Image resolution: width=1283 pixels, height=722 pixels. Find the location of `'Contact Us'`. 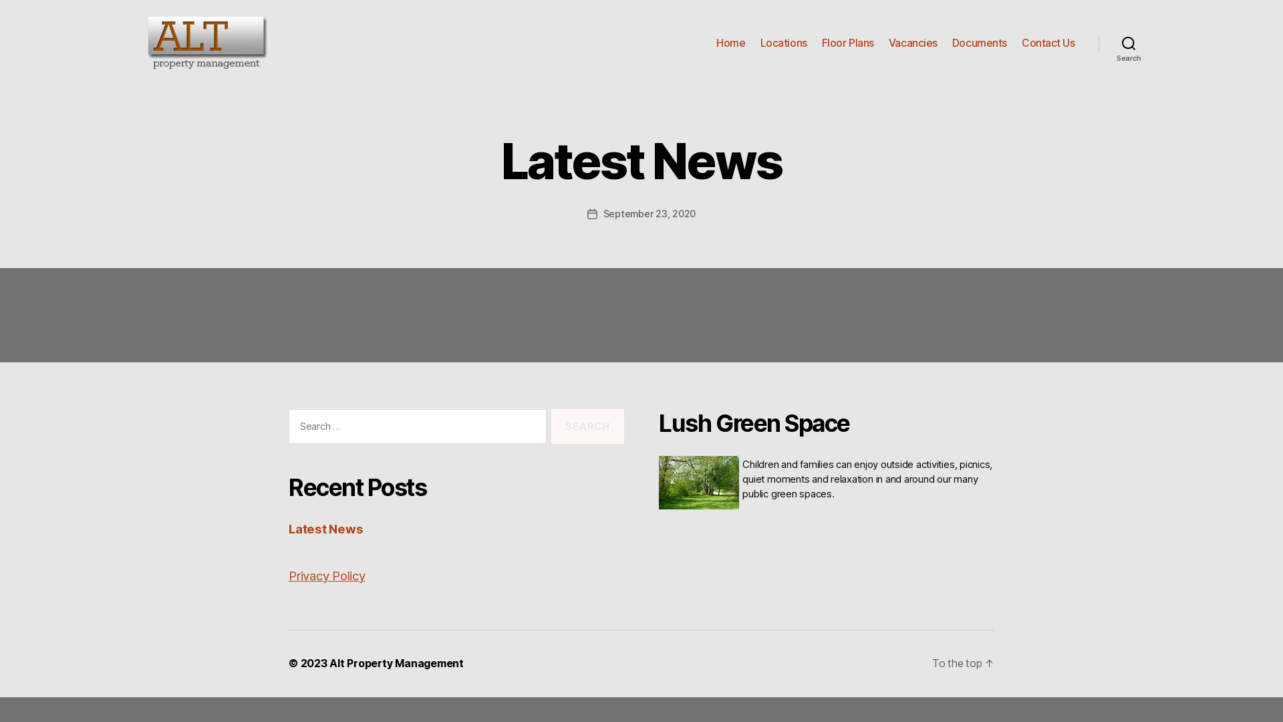

'Contact Us' is located at coordinates (1048, 42).